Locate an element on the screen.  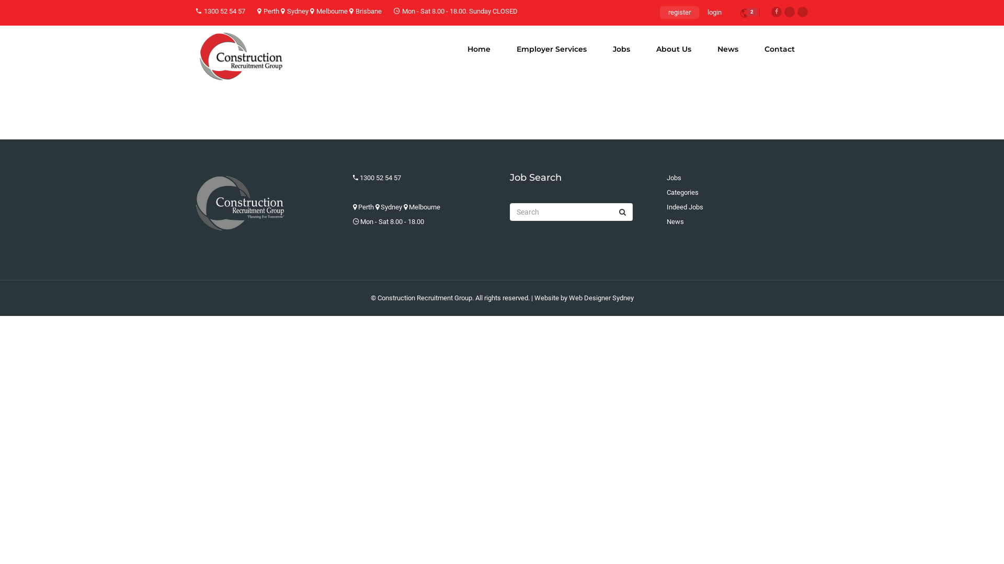
'Twitter' is located at coordinates (790, 12).